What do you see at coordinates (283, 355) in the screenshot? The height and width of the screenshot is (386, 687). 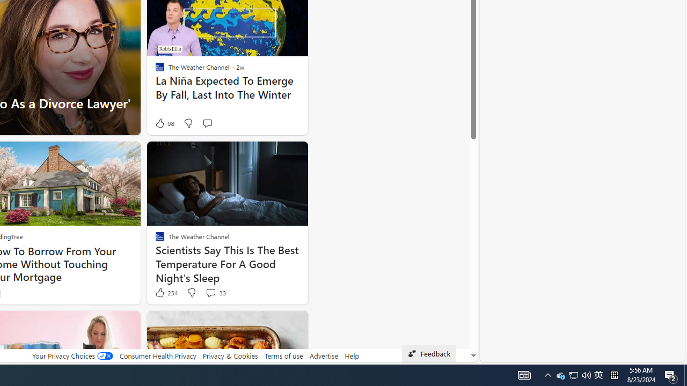 I see `'Terms of use'` at bounding box center [283, 355].